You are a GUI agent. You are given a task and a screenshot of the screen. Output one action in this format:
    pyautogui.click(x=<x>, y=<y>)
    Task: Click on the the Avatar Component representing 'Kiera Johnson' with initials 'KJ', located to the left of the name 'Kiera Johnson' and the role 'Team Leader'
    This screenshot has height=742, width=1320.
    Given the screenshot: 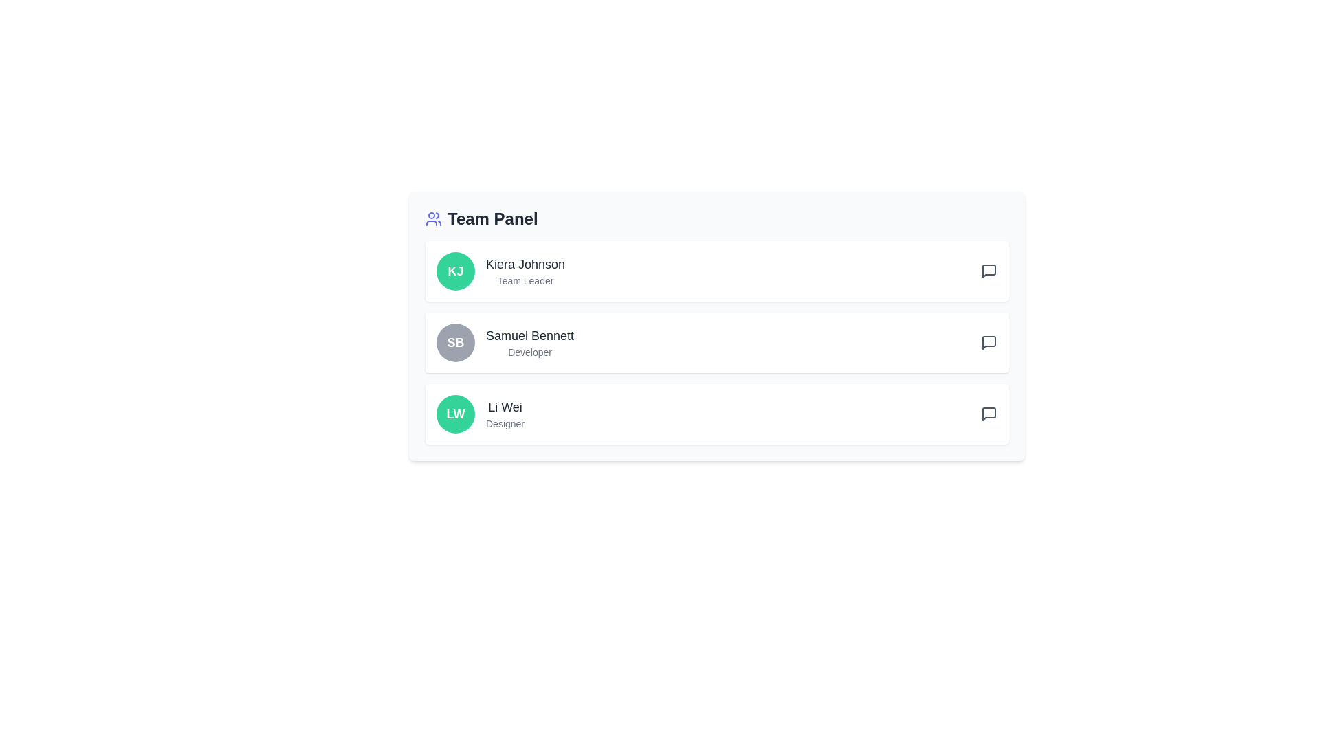 What is the action you would take?
    pyautogui.click(x=455, y=271)
    